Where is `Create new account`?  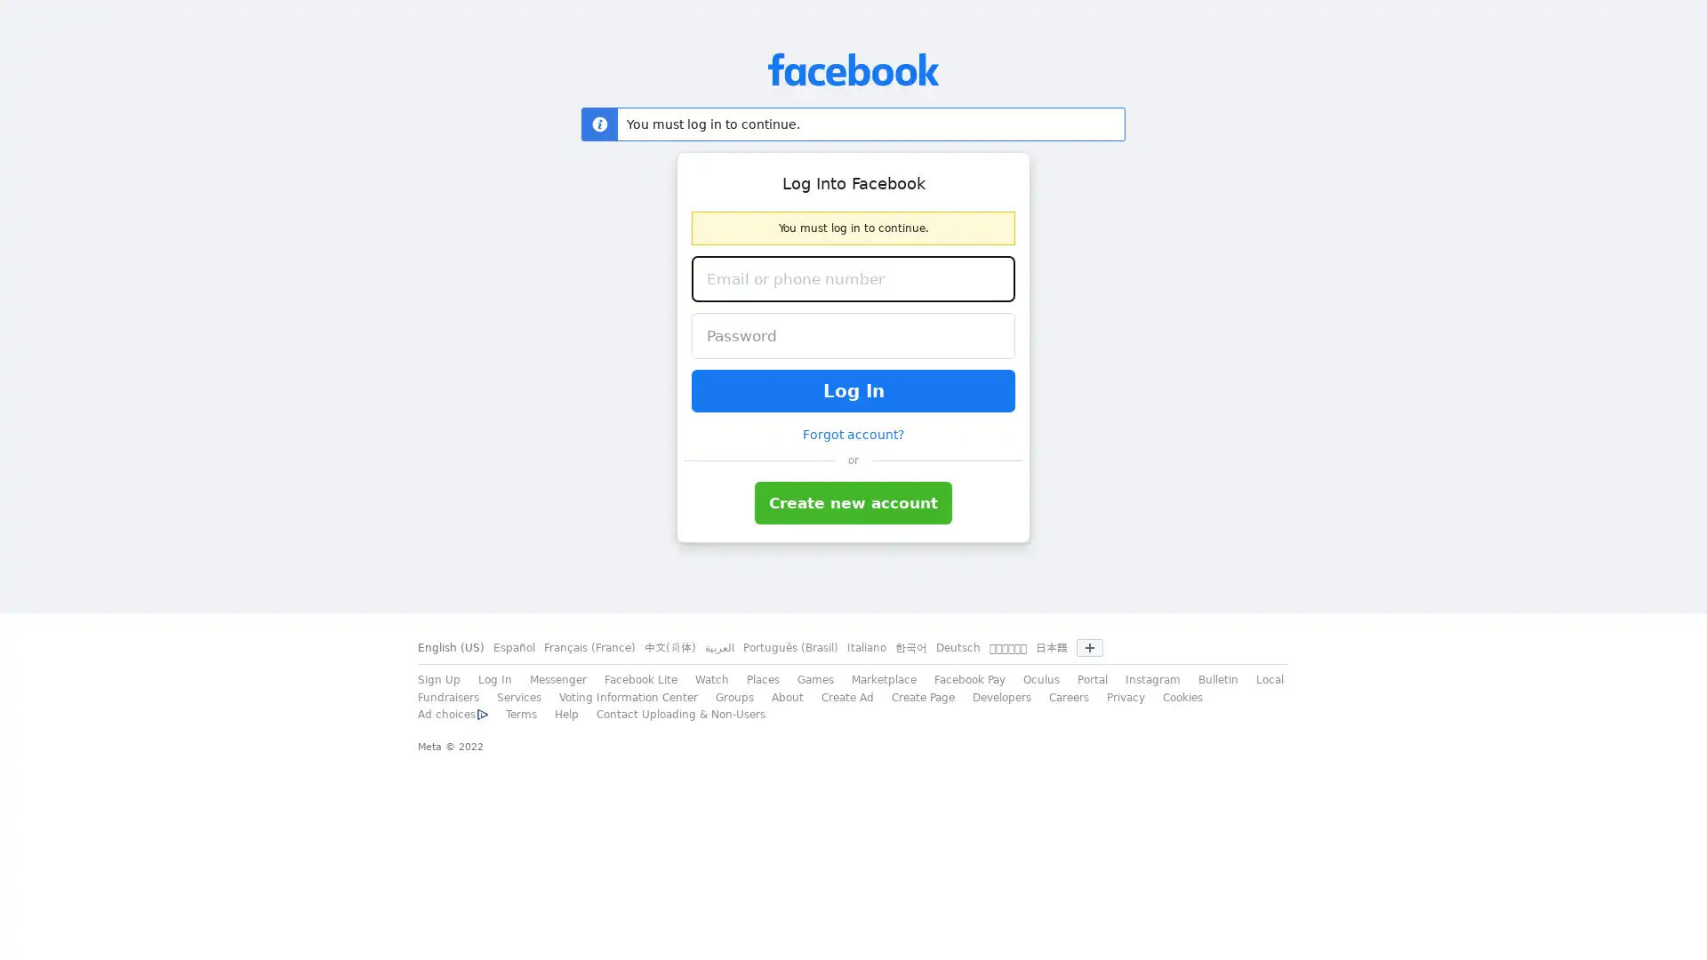 Create new account is located at coordinates (853, 503).